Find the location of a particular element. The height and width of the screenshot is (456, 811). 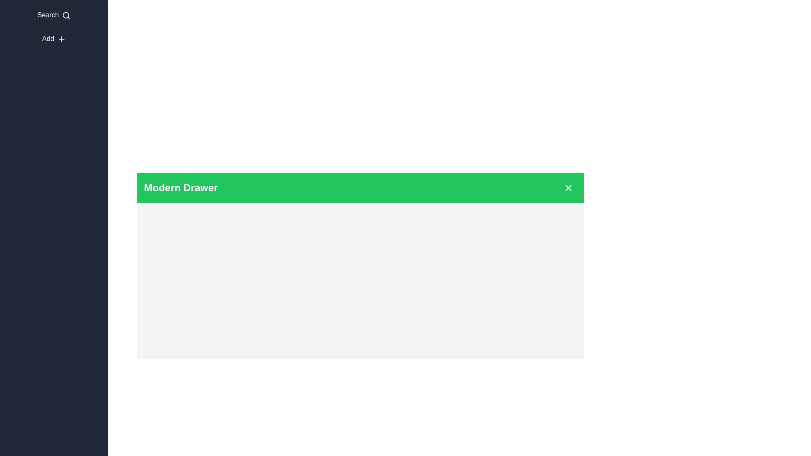

the text label displaying 'Add' in bold white font located in the left sidebar of the interface under a search field is located at coordinates (48, 38).